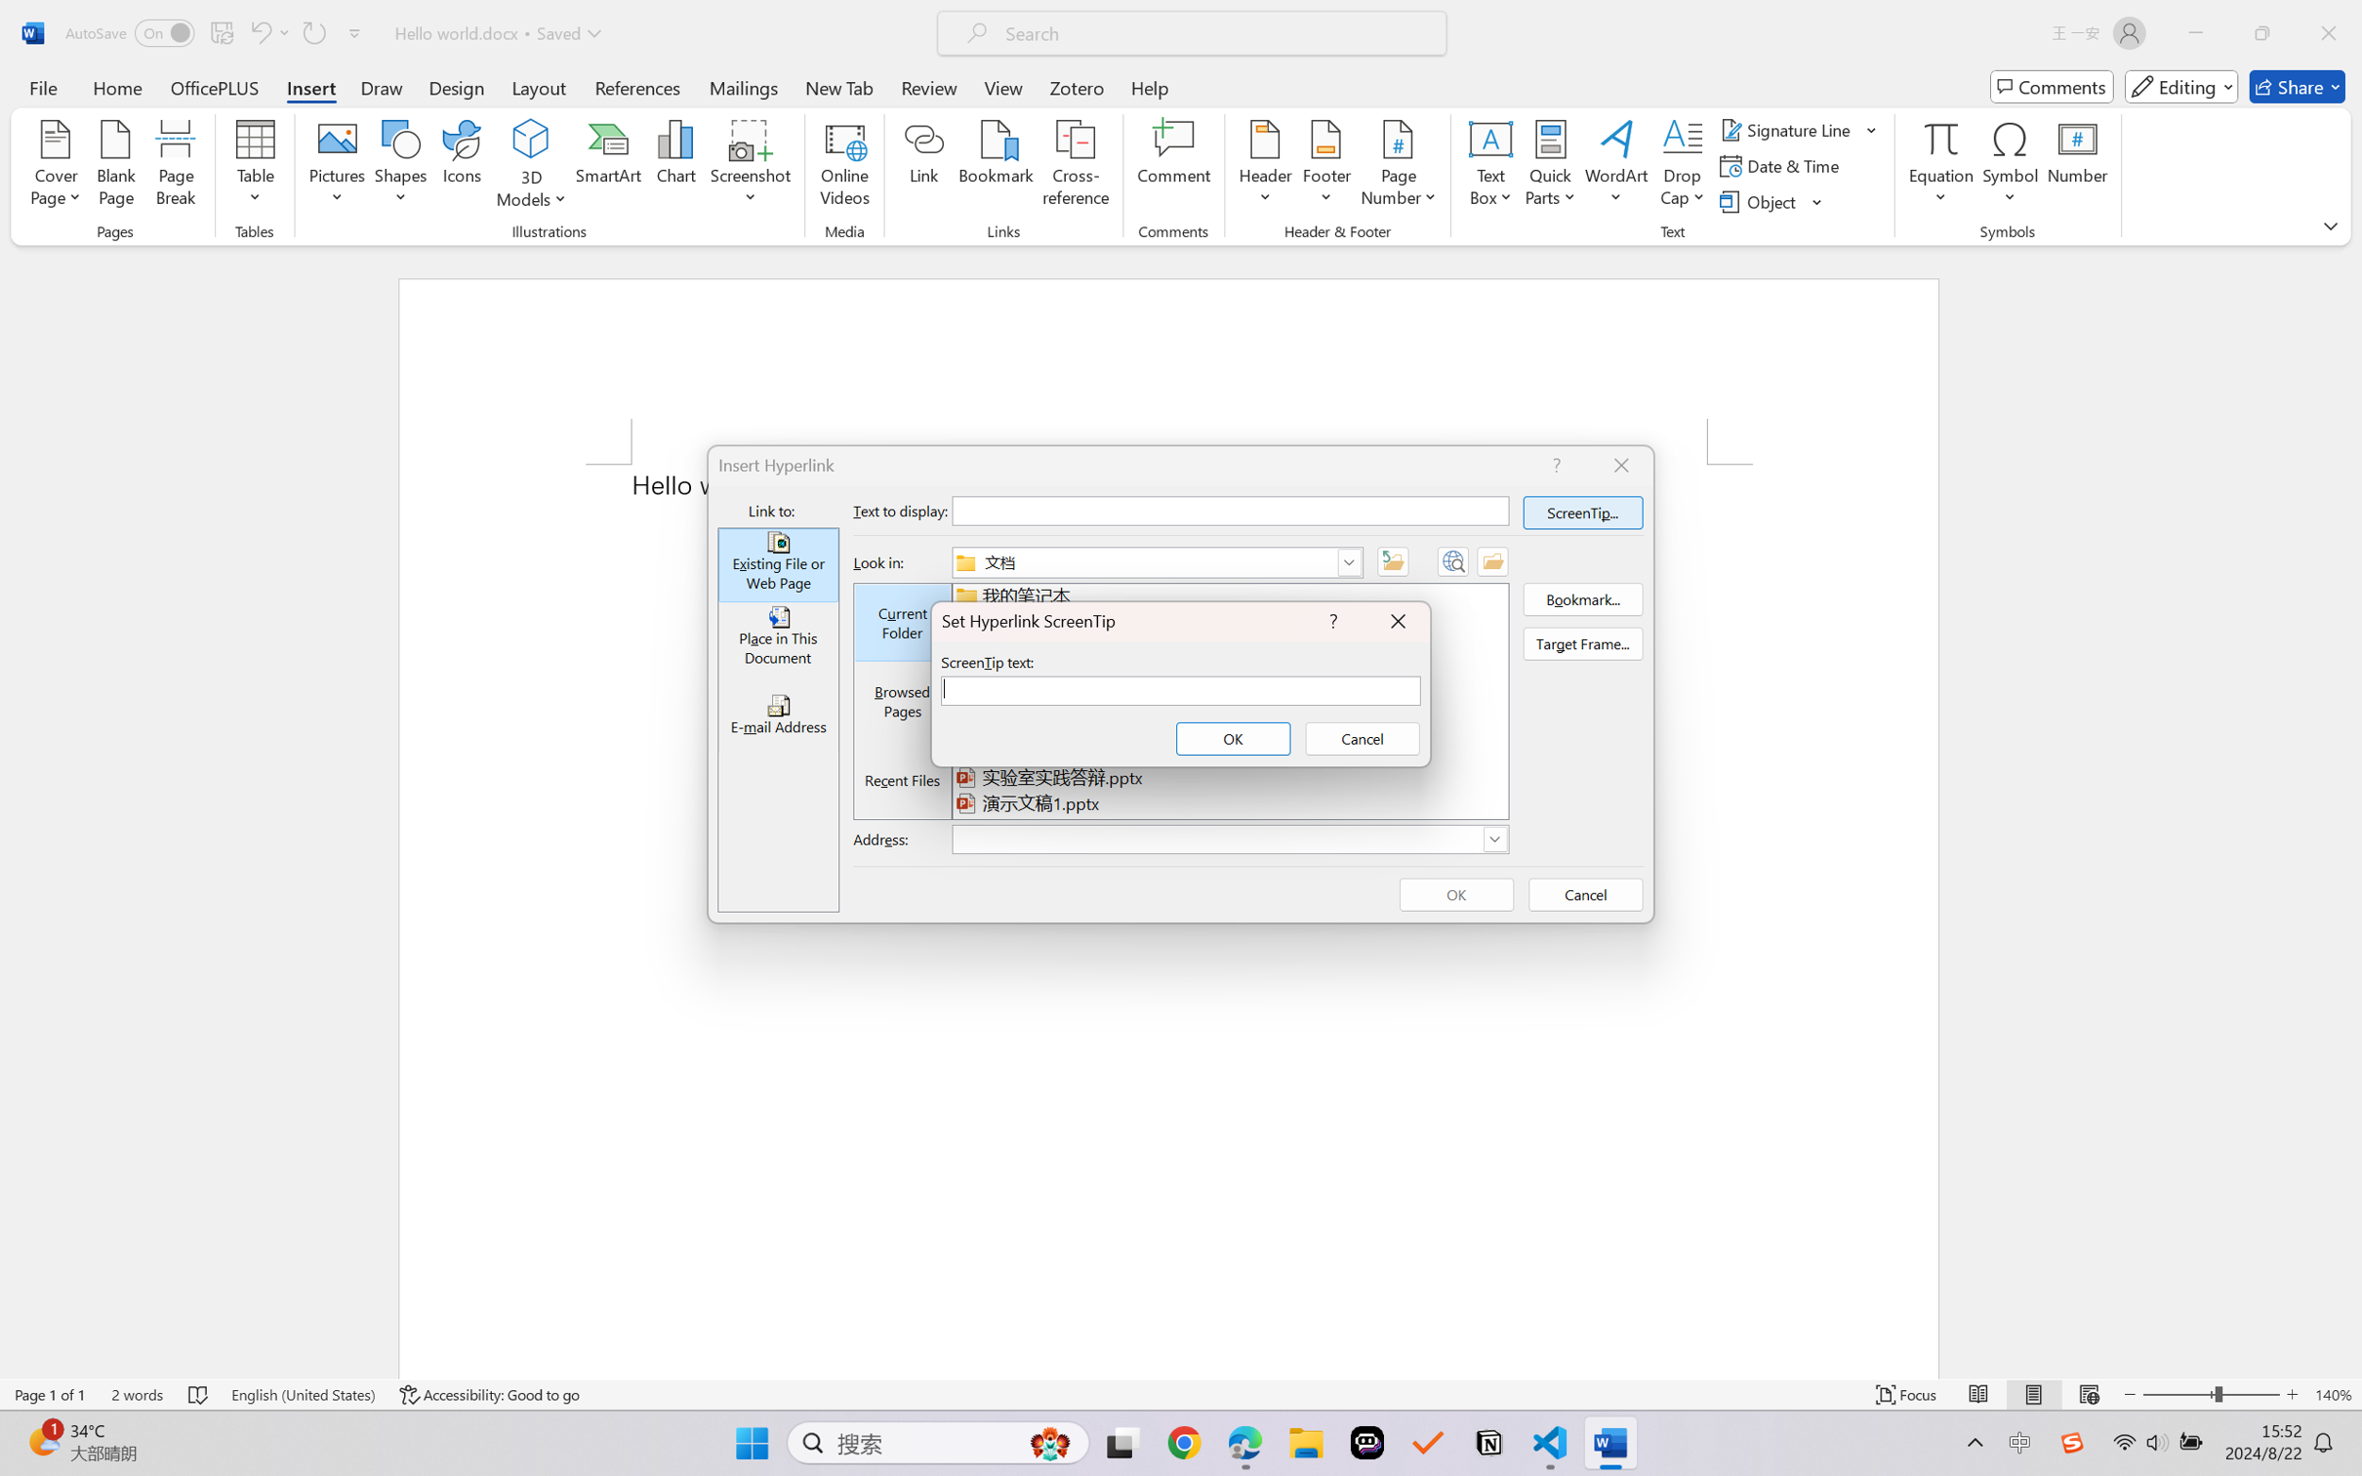 This screenshot has width=2362, height=1476. Describe the element at coordinates (1363, 738) in the screenshot. I see `'Cancel'` at that location.